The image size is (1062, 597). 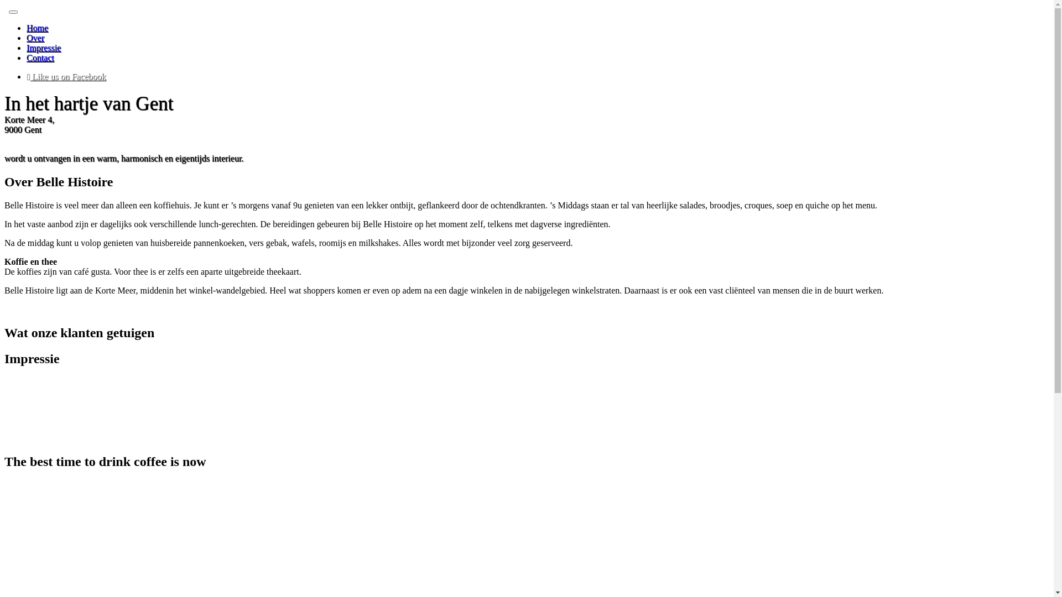 I want to click on 'Contact', so click(x=40, y=57).